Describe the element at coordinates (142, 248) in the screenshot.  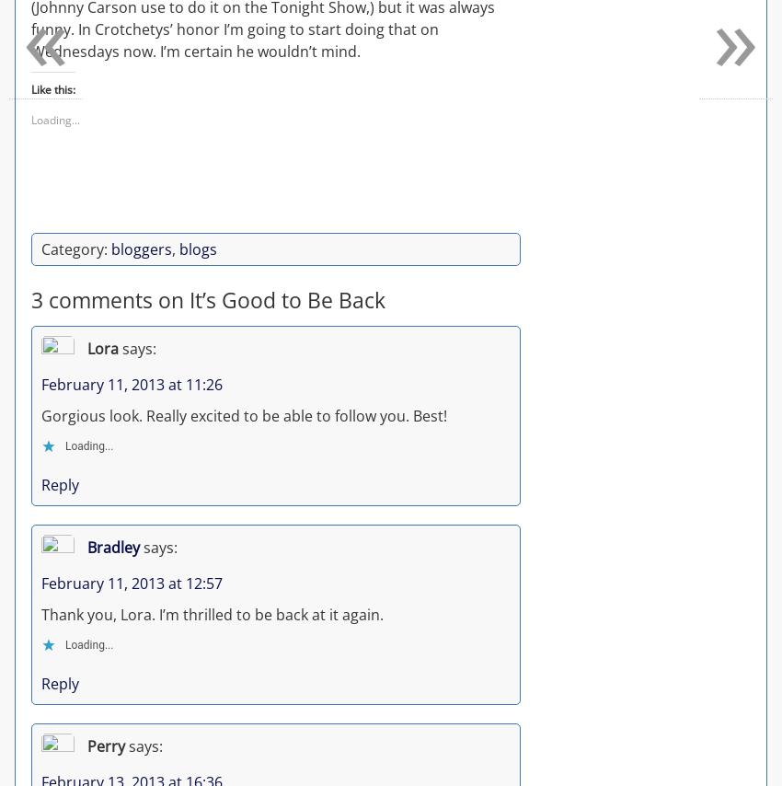
I see `'bloggers'` at that location.